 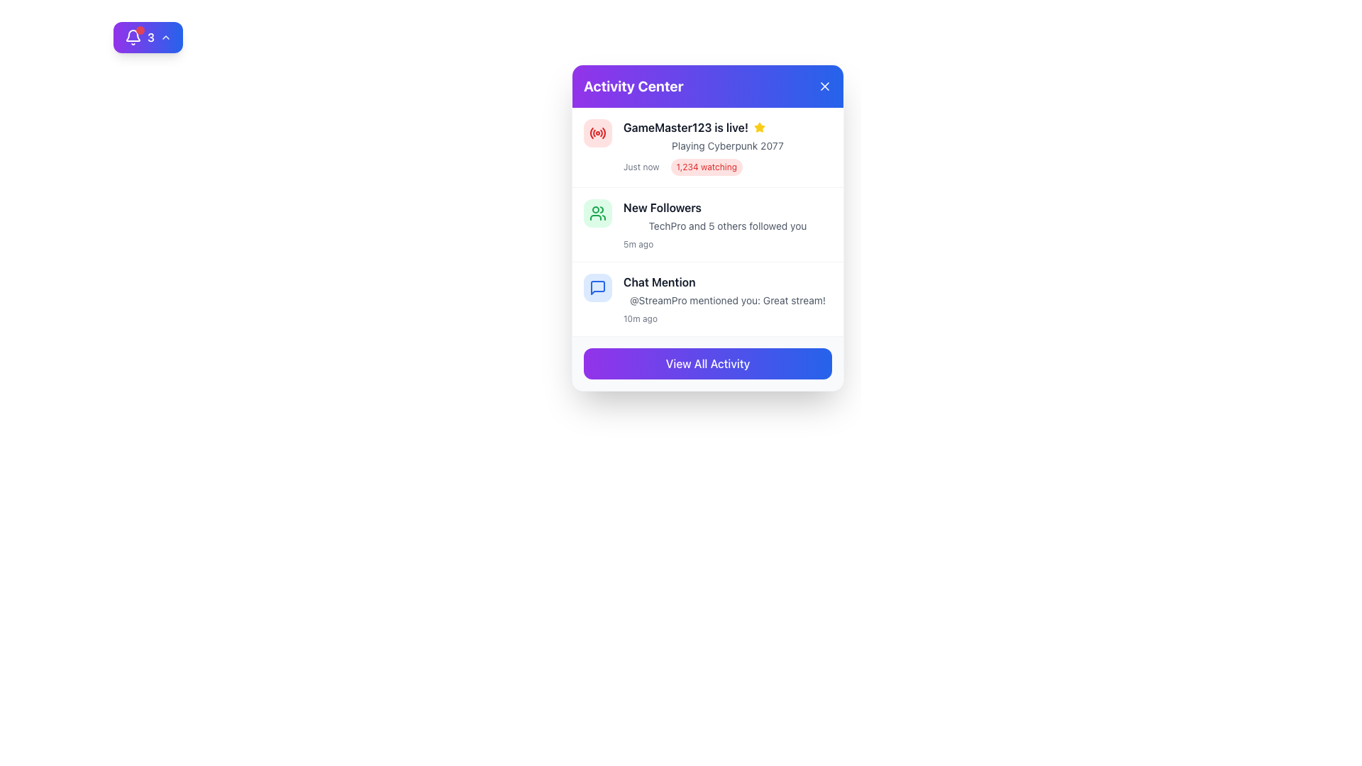 What do you see at coordinates (728, 223) in the screenshot?
I see `the 'New Followers' notification item in the Activity Center panel, which displays the text 'New Followers' in bold, followed by 'TechPro and 5 others followed you' and a timestamp '5m ago'` at bounding box center [728, 223].